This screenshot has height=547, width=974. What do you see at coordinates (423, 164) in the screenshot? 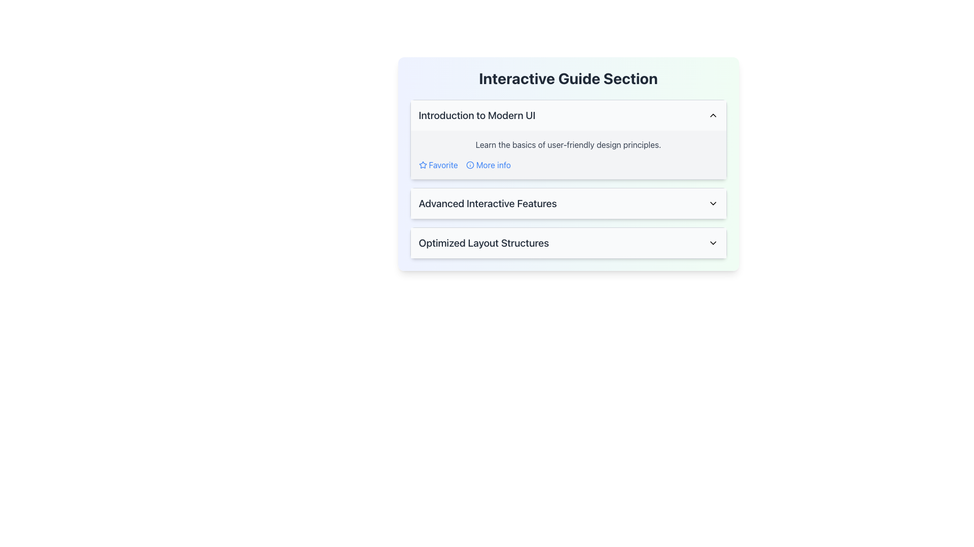
I see `the favorite icon located to the left of the 'Favorite' text in the 'Introduction to Modern UI' section` at bounding box center [423, 164].